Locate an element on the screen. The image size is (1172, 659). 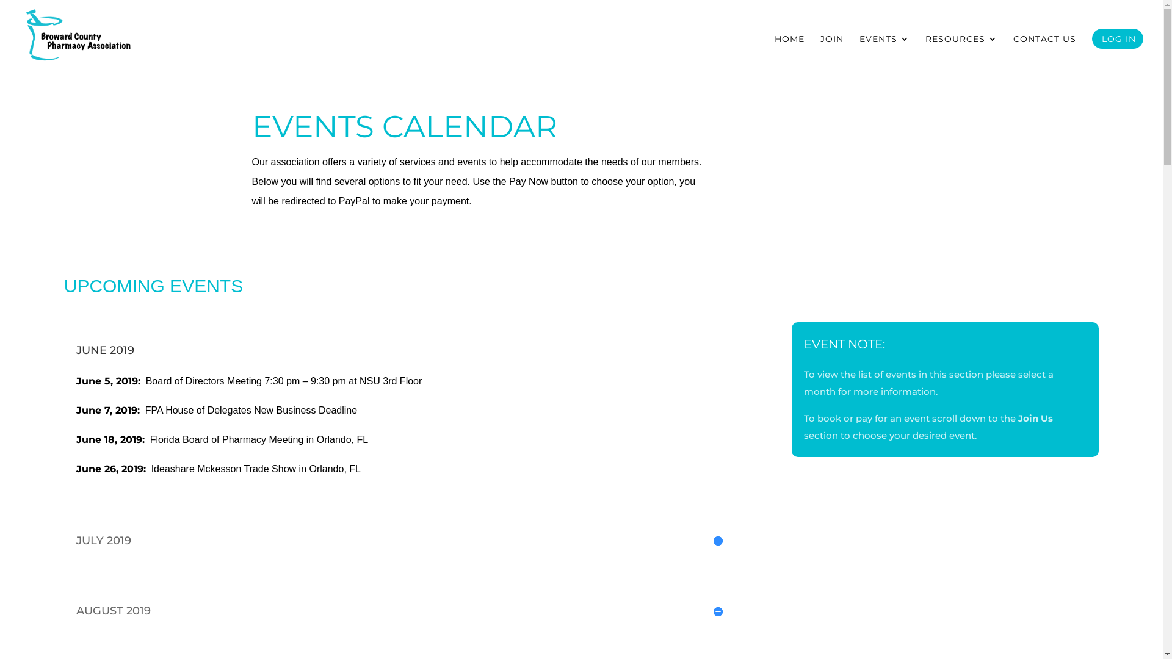
'HOME' is located at coordinates (789, 52).